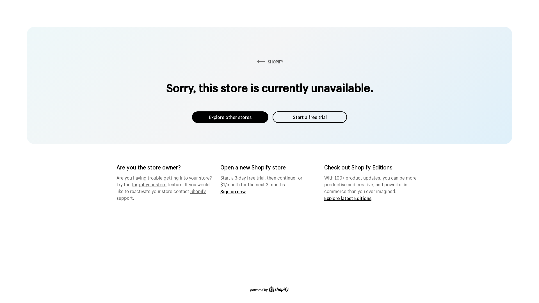 The image size is (539, 303). I want to click on 'SHOPIFY', so click(269, 62).